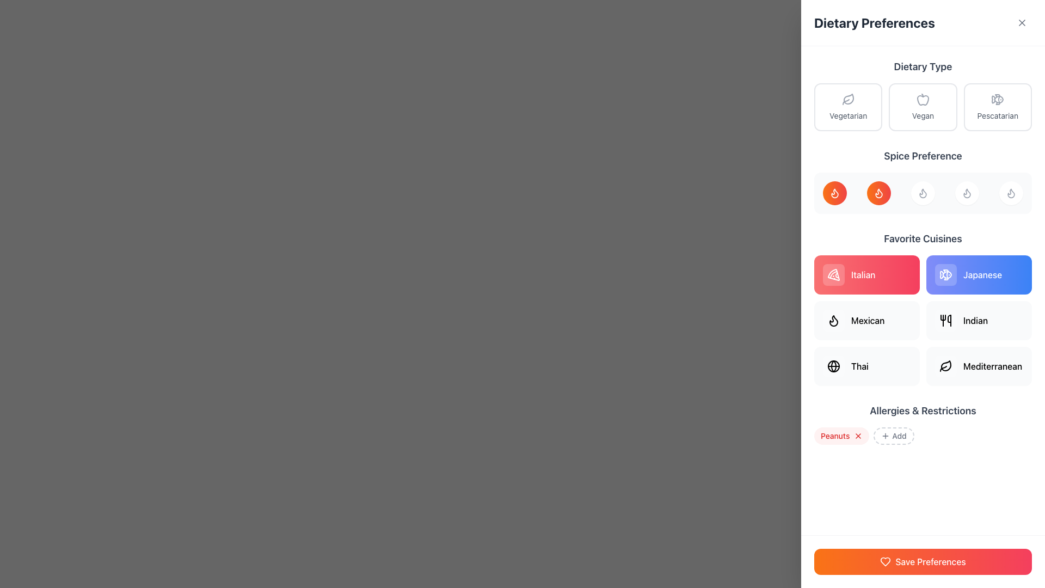 The width and height of the screenshot is (1045, 588). I want to click on the 'Save Preferences' button, which is styled with white text on a gradient orange to rose background, located in the middle-right section of the interface, so click(929, 562).